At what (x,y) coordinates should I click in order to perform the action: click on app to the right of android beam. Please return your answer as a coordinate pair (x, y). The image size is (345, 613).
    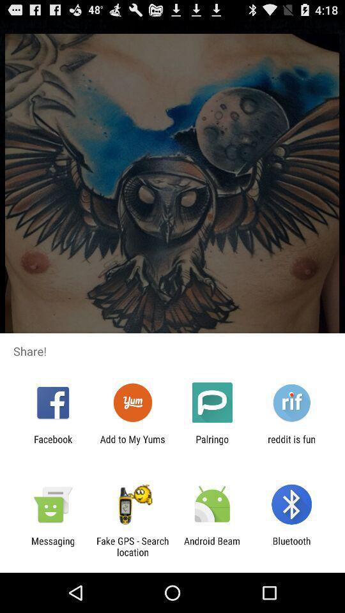
    Looking at the image, I should click on (291, 546).